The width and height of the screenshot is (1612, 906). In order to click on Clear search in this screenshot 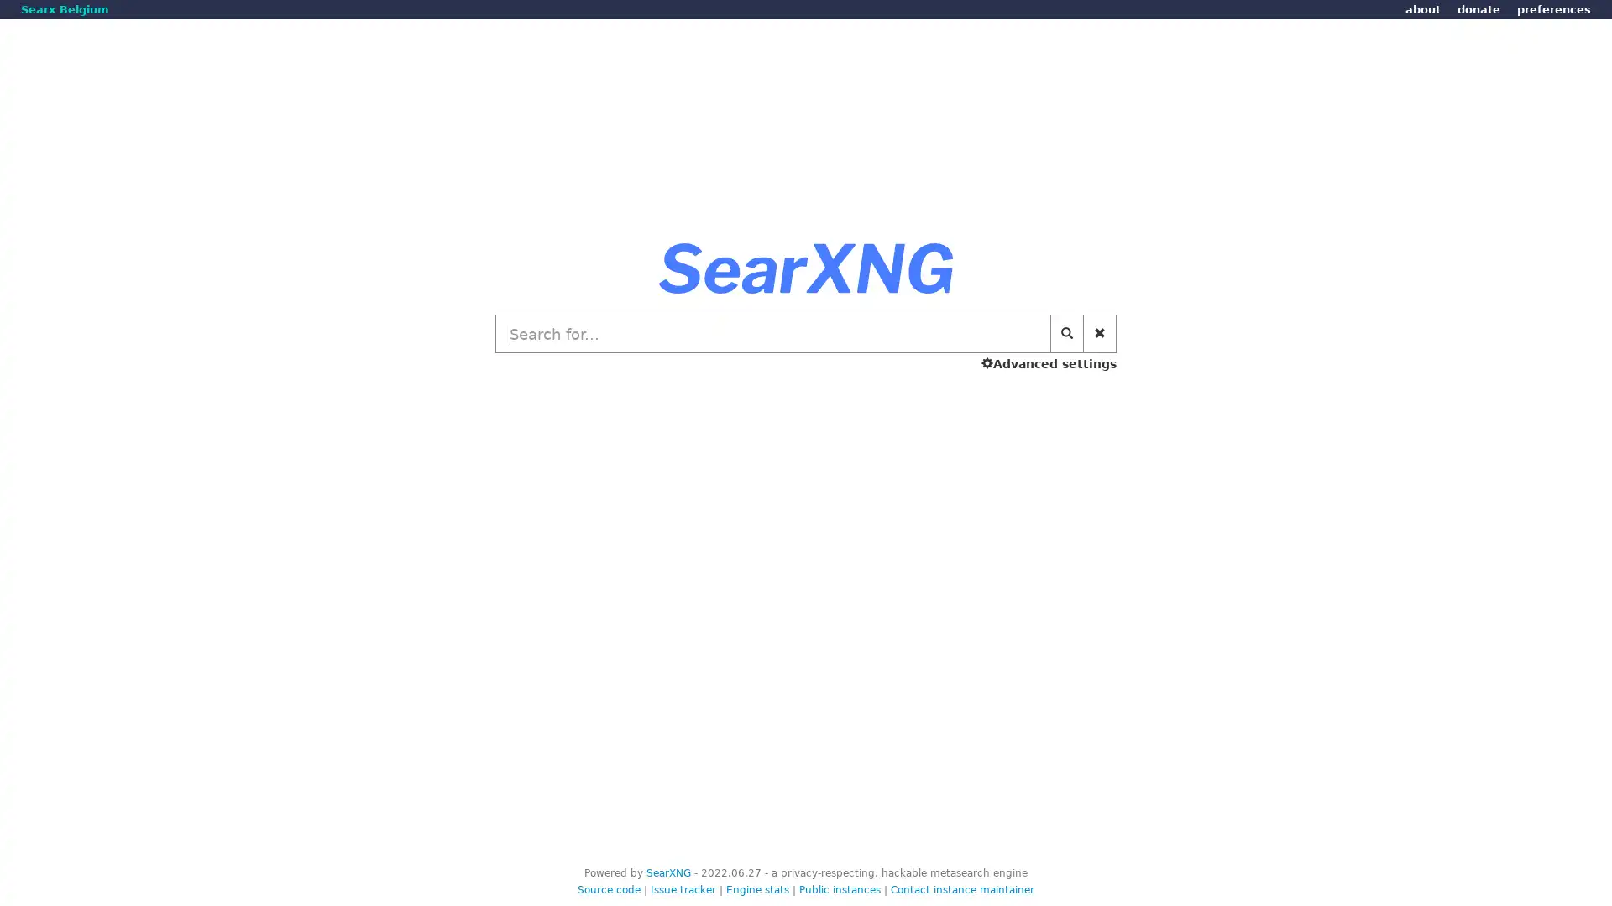, I will do `click(1100, 333)`.